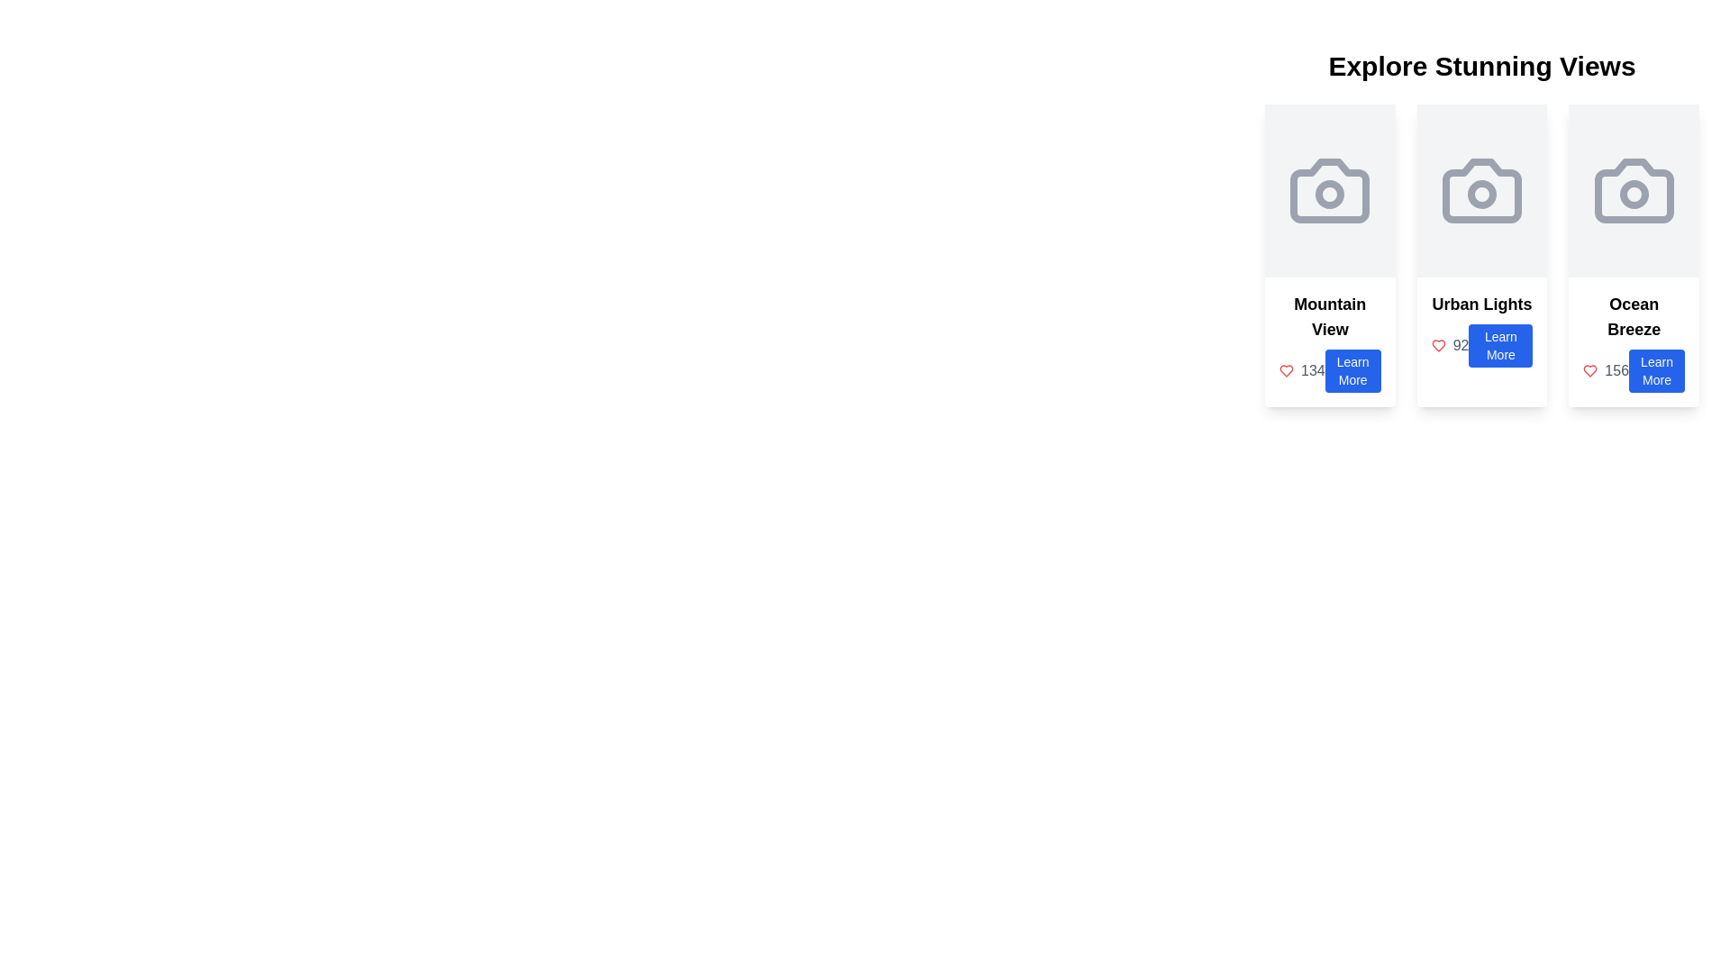 The height and width of the screenshot is (973, 1730). What do you see at coordinates (1656, 370) in the screenshot?
I see `the 'Learn More' button located at the bottom of the rightmost card, beneath the heart icon and text '156'` at bounding box center [1656, 370].